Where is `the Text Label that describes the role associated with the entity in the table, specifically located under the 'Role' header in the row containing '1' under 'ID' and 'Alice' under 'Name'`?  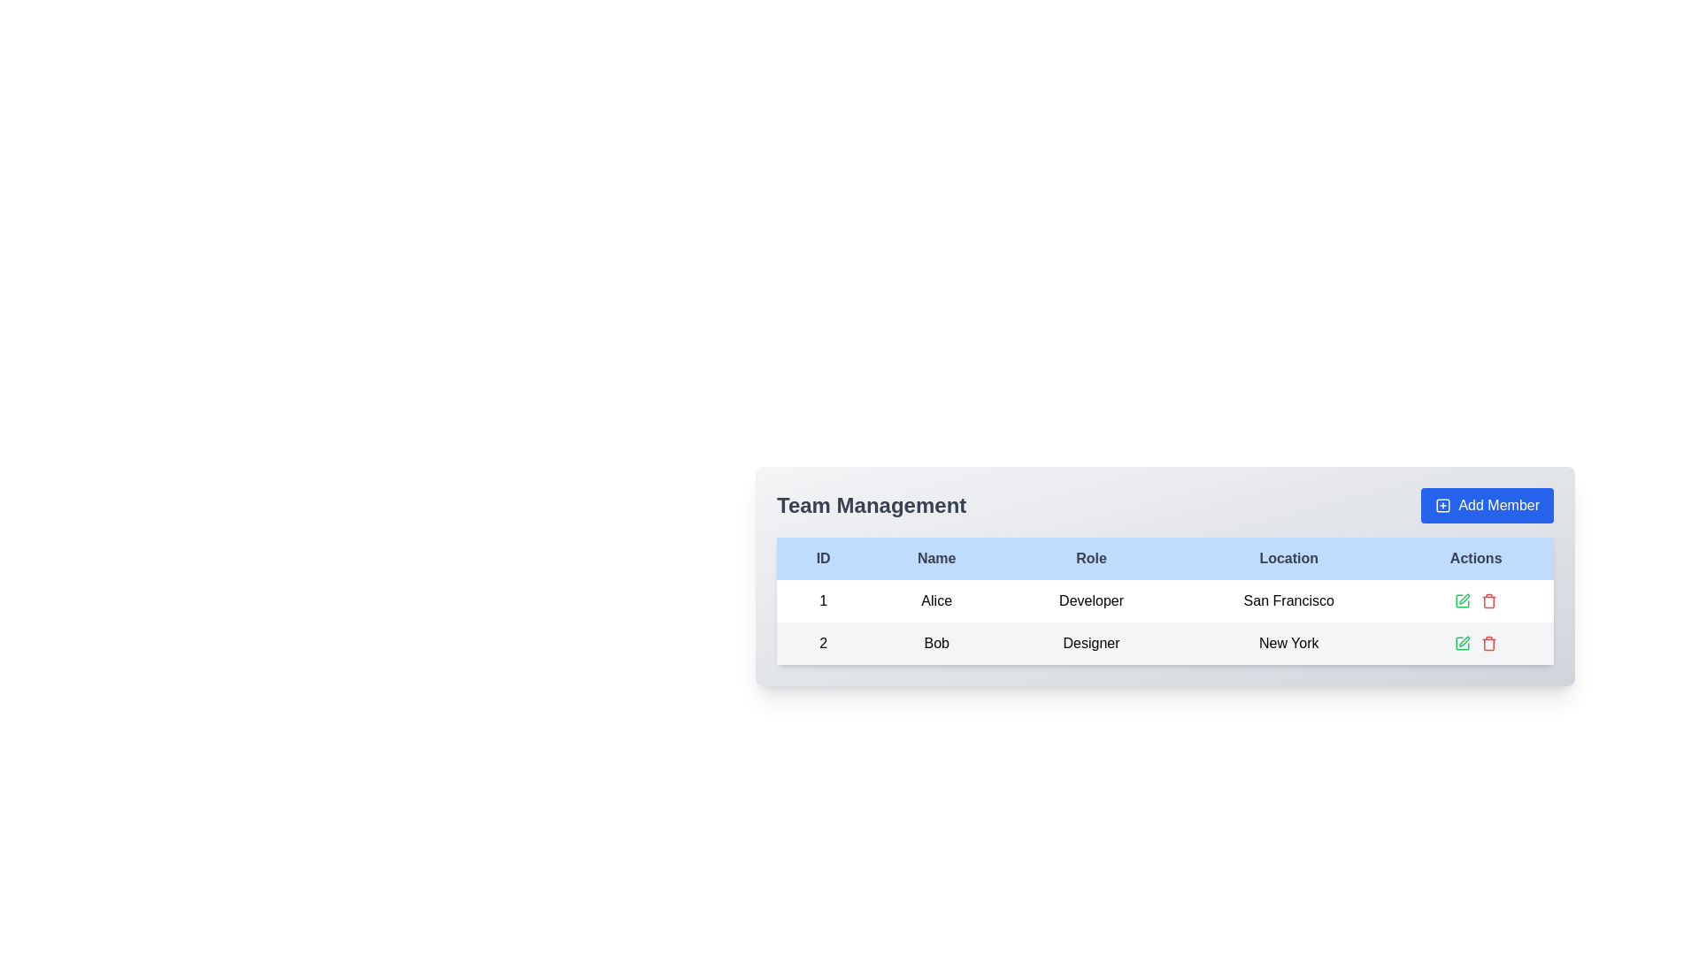 the Text Label that describes the role associated with the entity in the table, specifically located under the 'Role' header in the row containing '1' under 'ID' and 'Alice' under 'Name' is located at coordinates (1090, 600).